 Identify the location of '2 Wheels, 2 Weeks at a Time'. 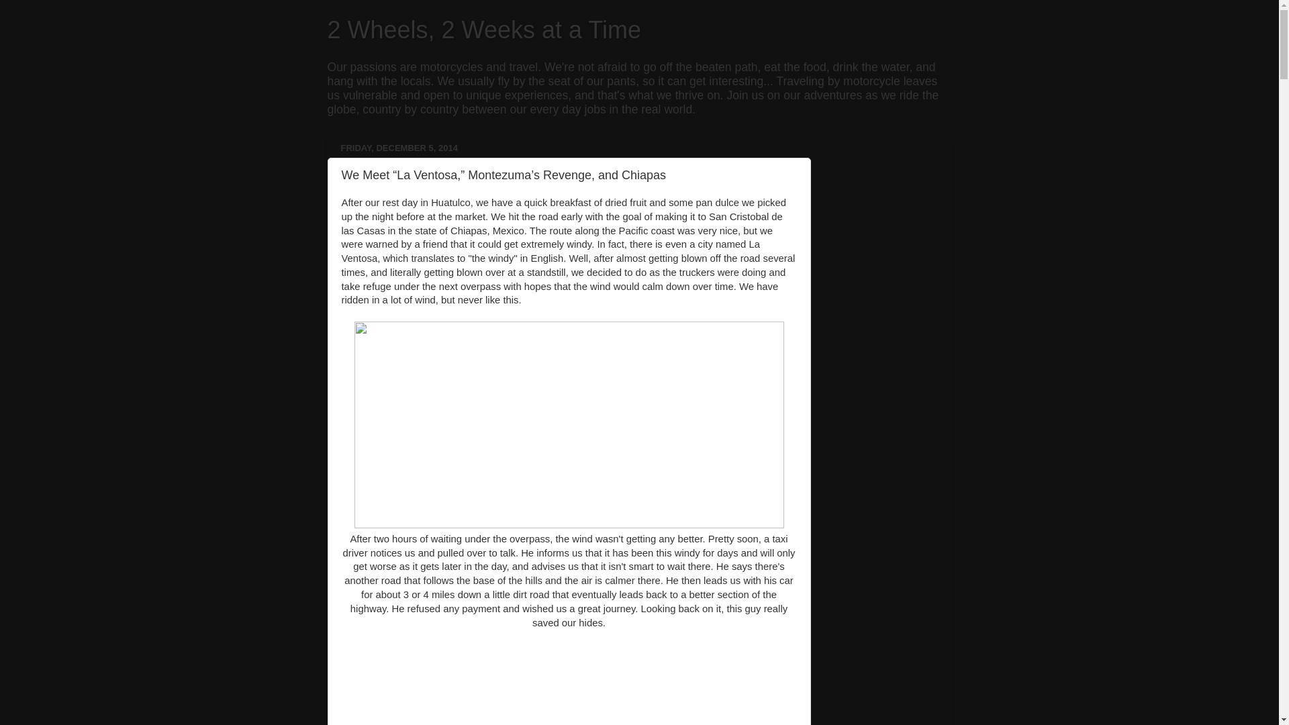
(483, 30).